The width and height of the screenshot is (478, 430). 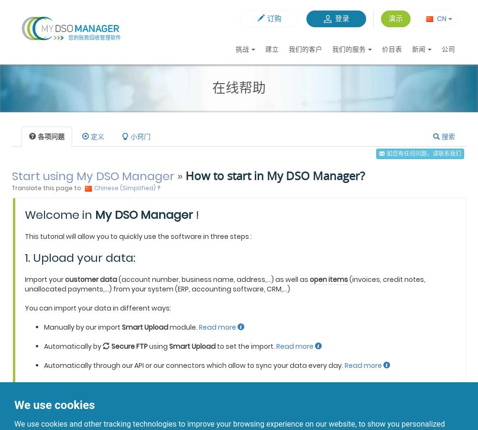 I want to click on 'open items', so click(x=329, y=279).